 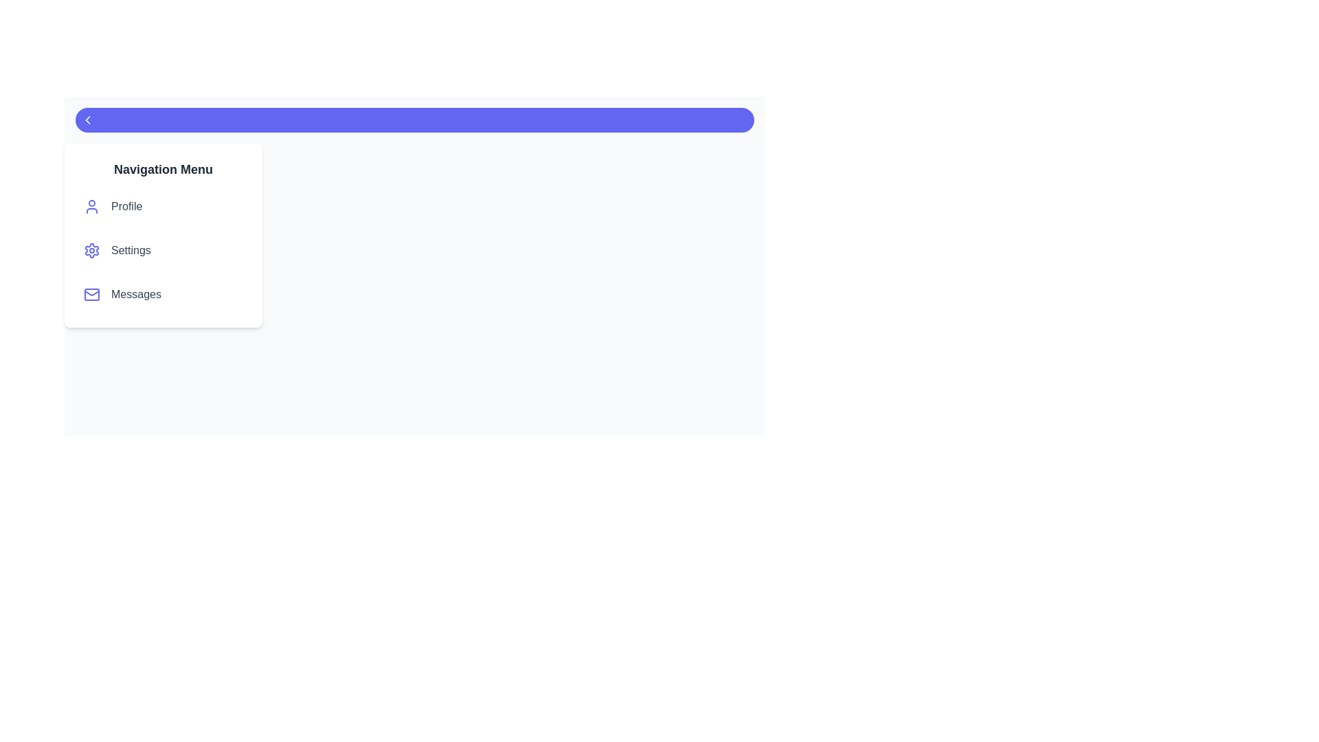 What do you see at coordinates (164, 293) in the screenshot?
I see `the menu item labeled 'Messages' in the drawer` at bounding box center [164, 293].